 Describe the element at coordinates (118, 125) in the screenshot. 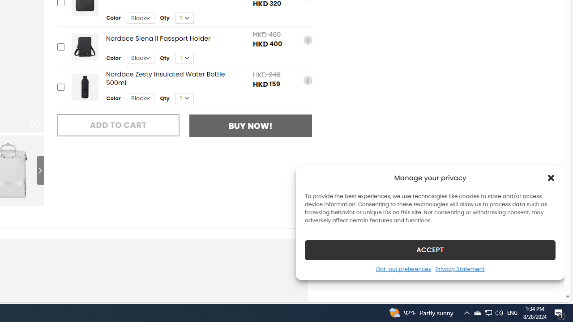

I see `'ADD TO CART'` at that location.